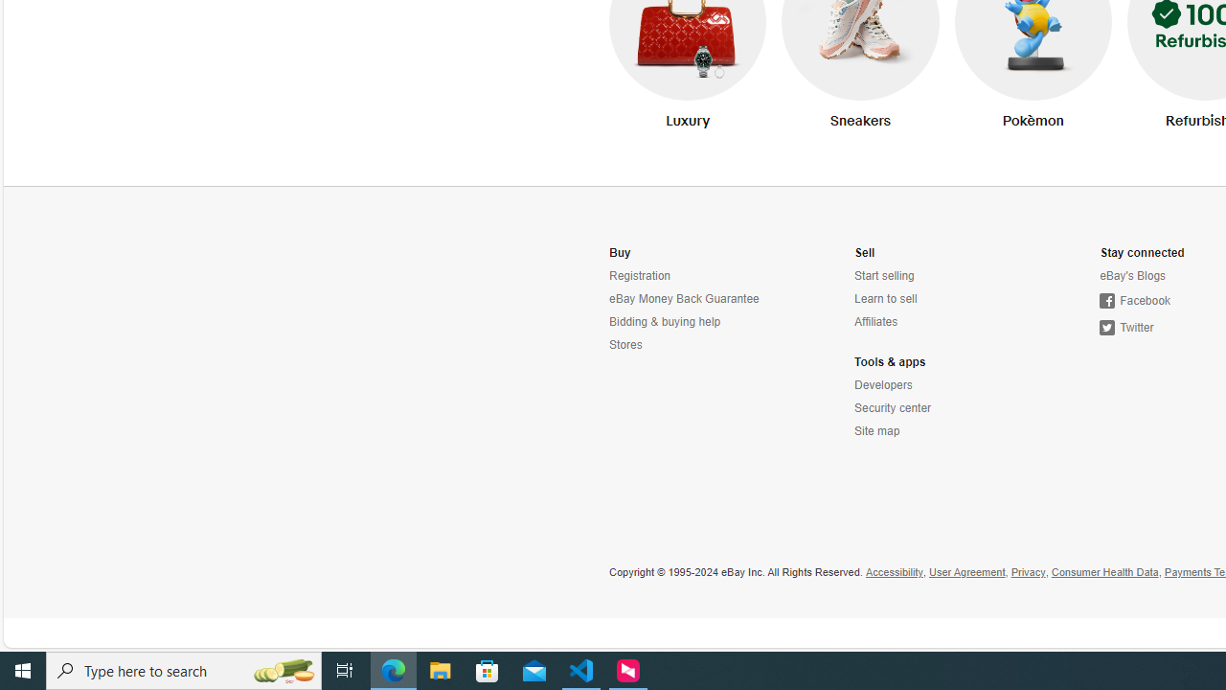 Image resolution: width=1226 pixels, height=690 pixels. I want to click on 'Security center', so click(892, 407).